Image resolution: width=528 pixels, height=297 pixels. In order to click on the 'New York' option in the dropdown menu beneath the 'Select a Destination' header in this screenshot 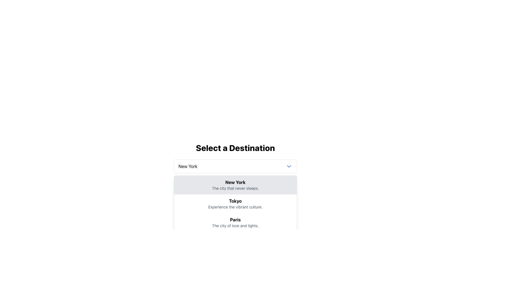, I will do `click(235, 185)`.